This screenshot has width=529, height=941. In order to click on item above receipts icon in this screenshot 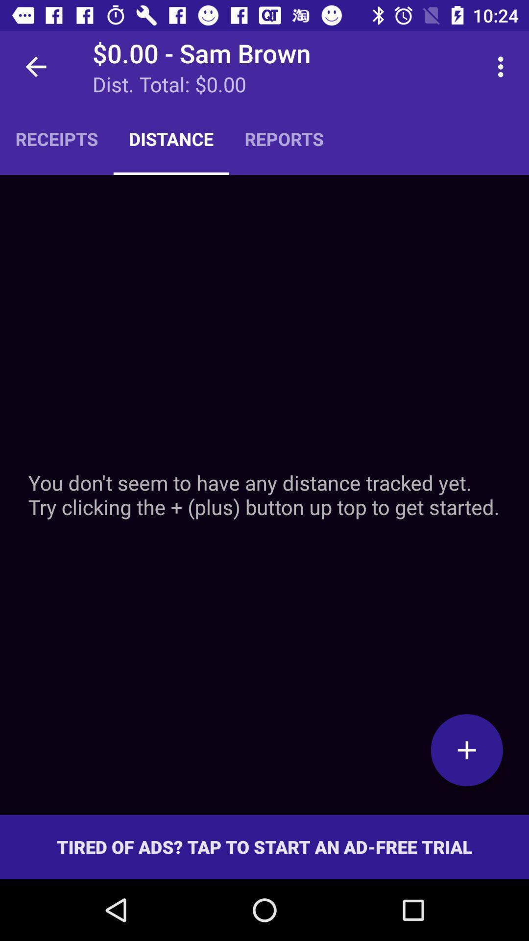, I will do `click(35, 66)`.